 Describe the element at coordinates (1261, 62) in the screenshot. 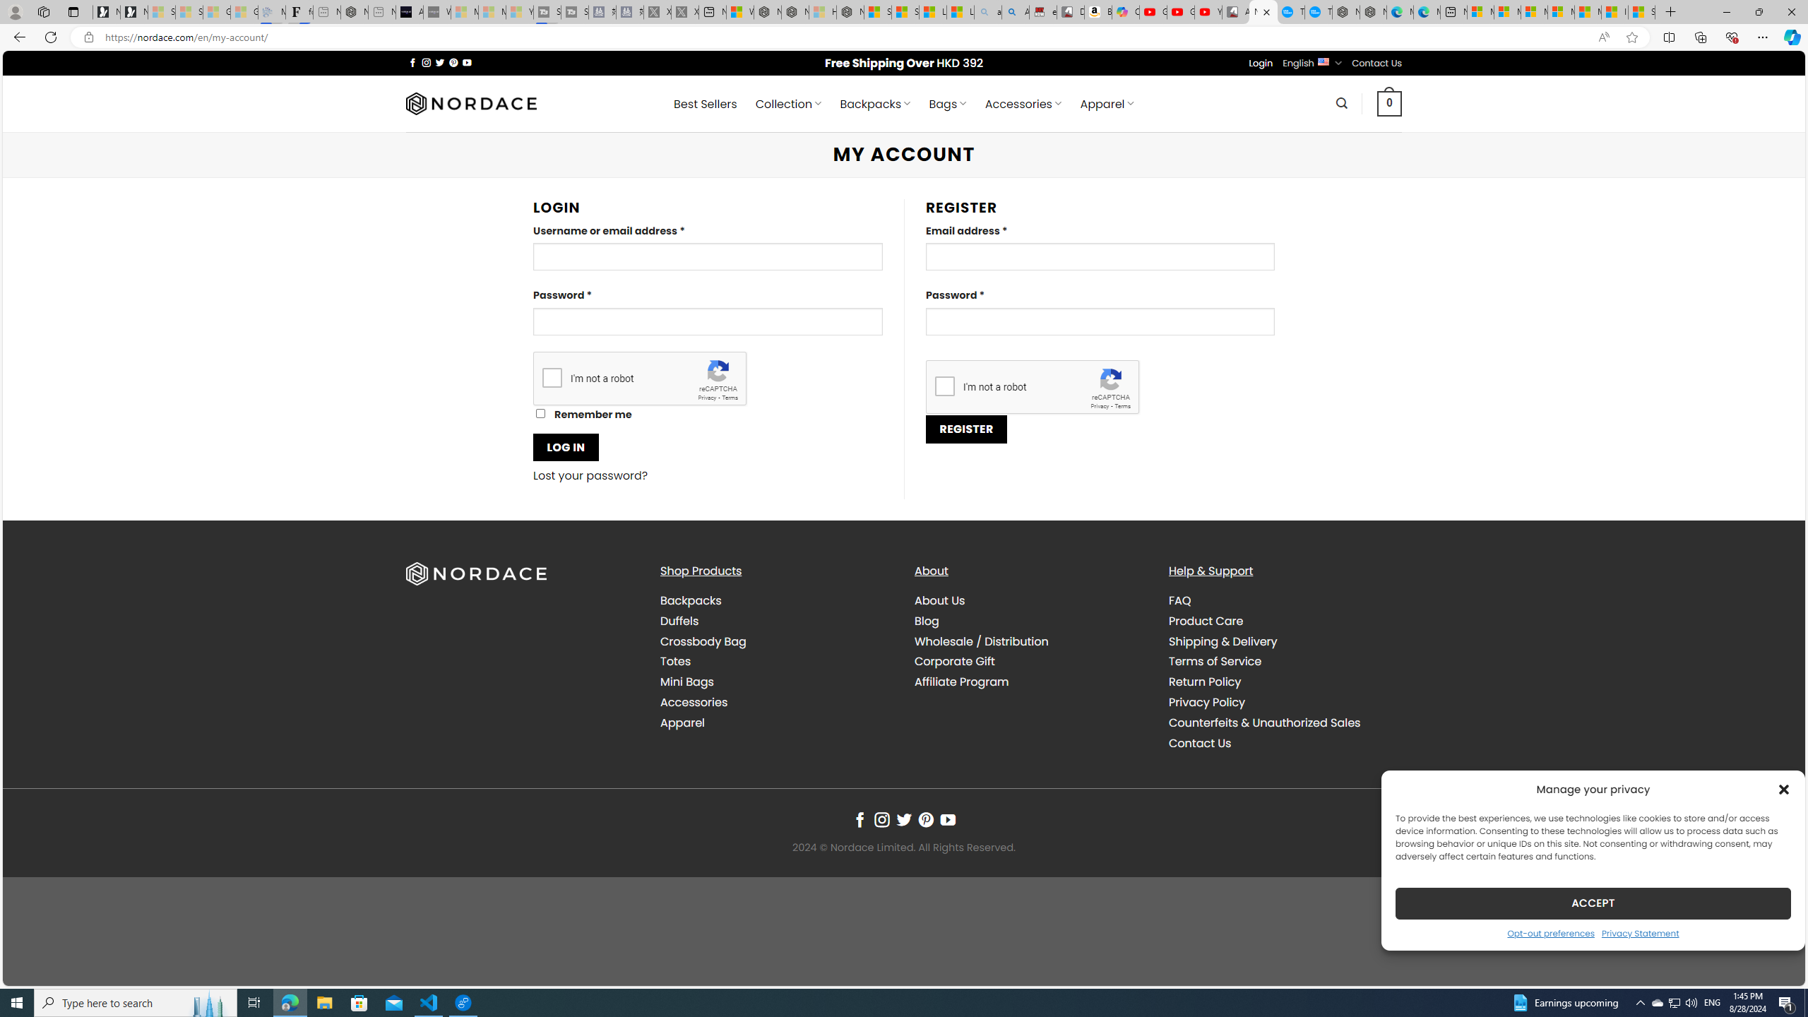

I see `'Login'` at that location.